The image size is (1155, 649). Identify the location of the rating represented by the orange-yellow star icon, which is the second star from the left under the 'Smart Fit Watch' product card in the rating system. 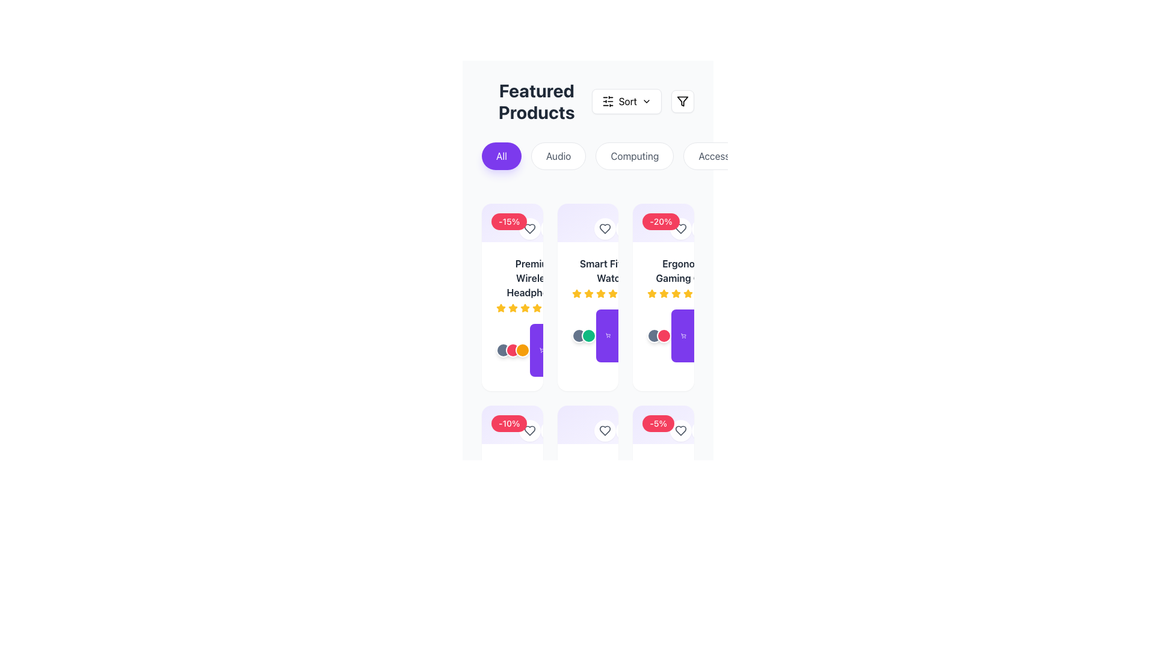
(588, 293).